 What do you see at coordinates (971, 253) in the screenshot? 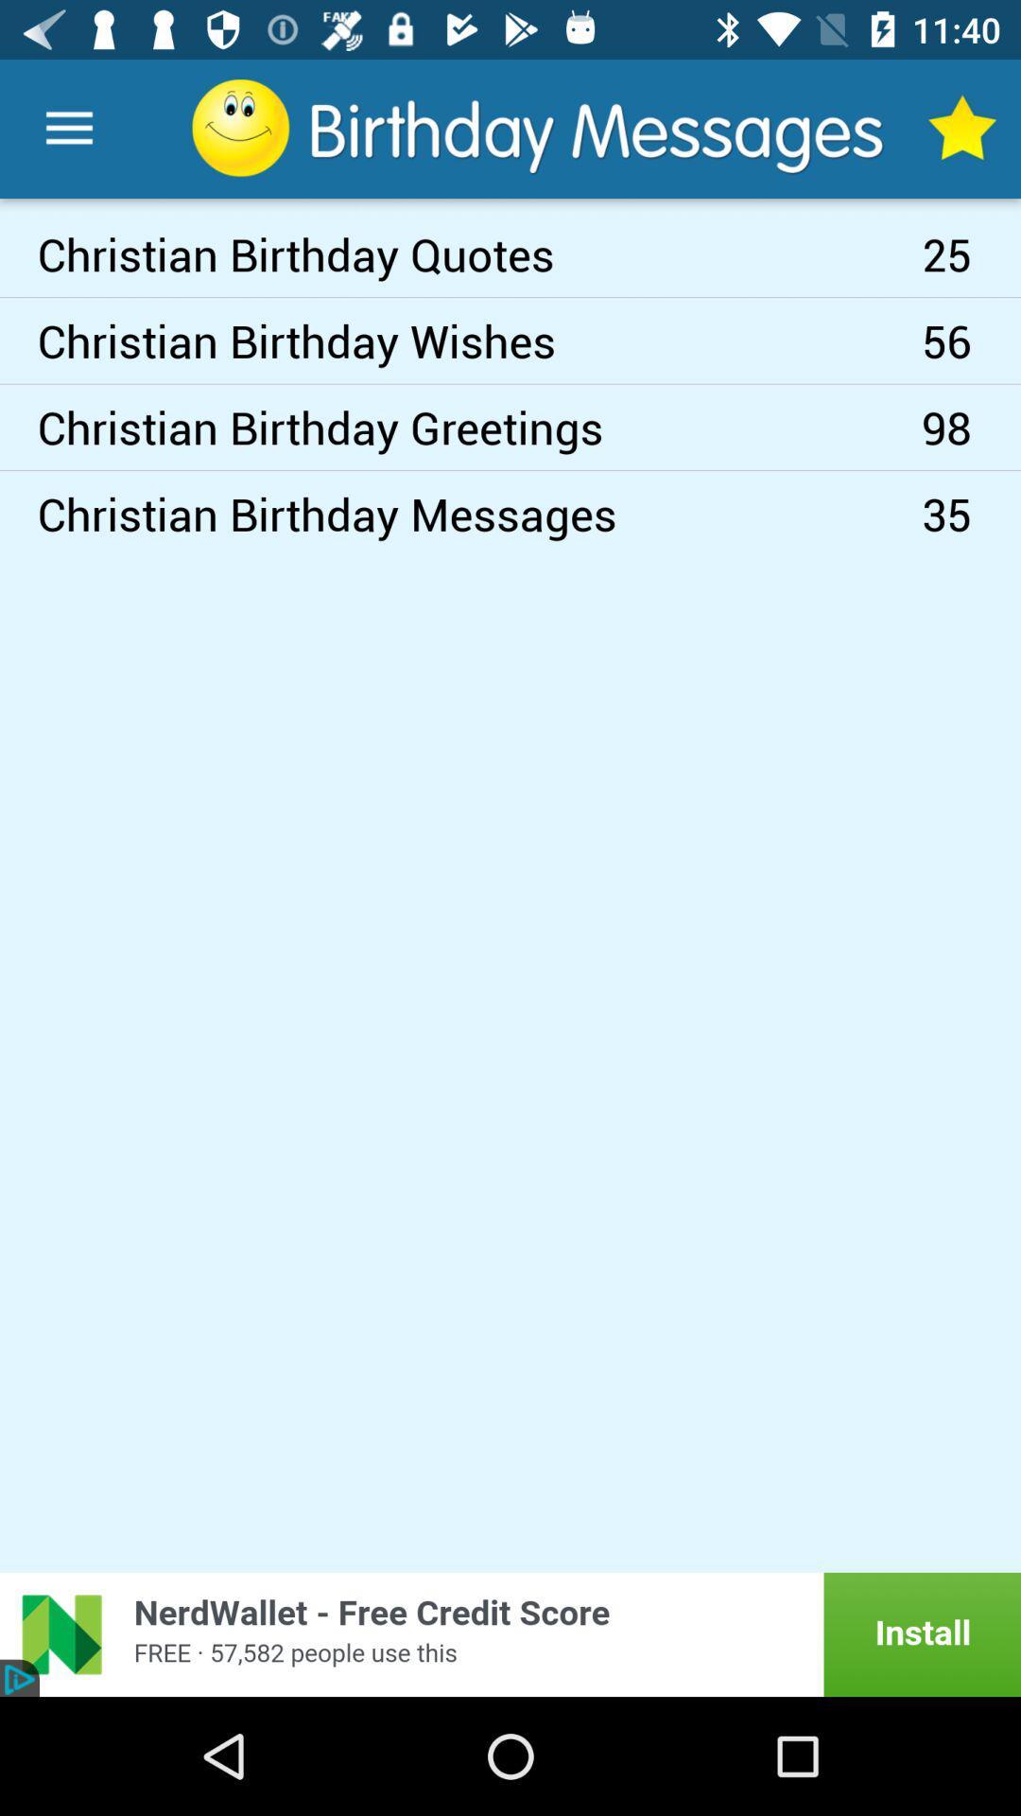
I see `the icon above the 56 item` at bounding box center [971, 253].